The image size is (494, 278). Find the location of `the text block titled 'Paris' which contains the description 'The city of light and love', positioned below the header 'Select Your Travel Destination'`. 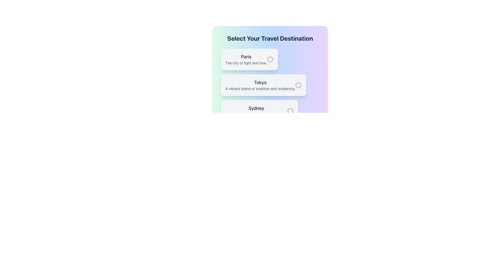

the text block titled 'Paris' which contains the description 'The city of light and love', positioned below the header 'Select Your Travel Destination' is located at coordinates (246, 59).